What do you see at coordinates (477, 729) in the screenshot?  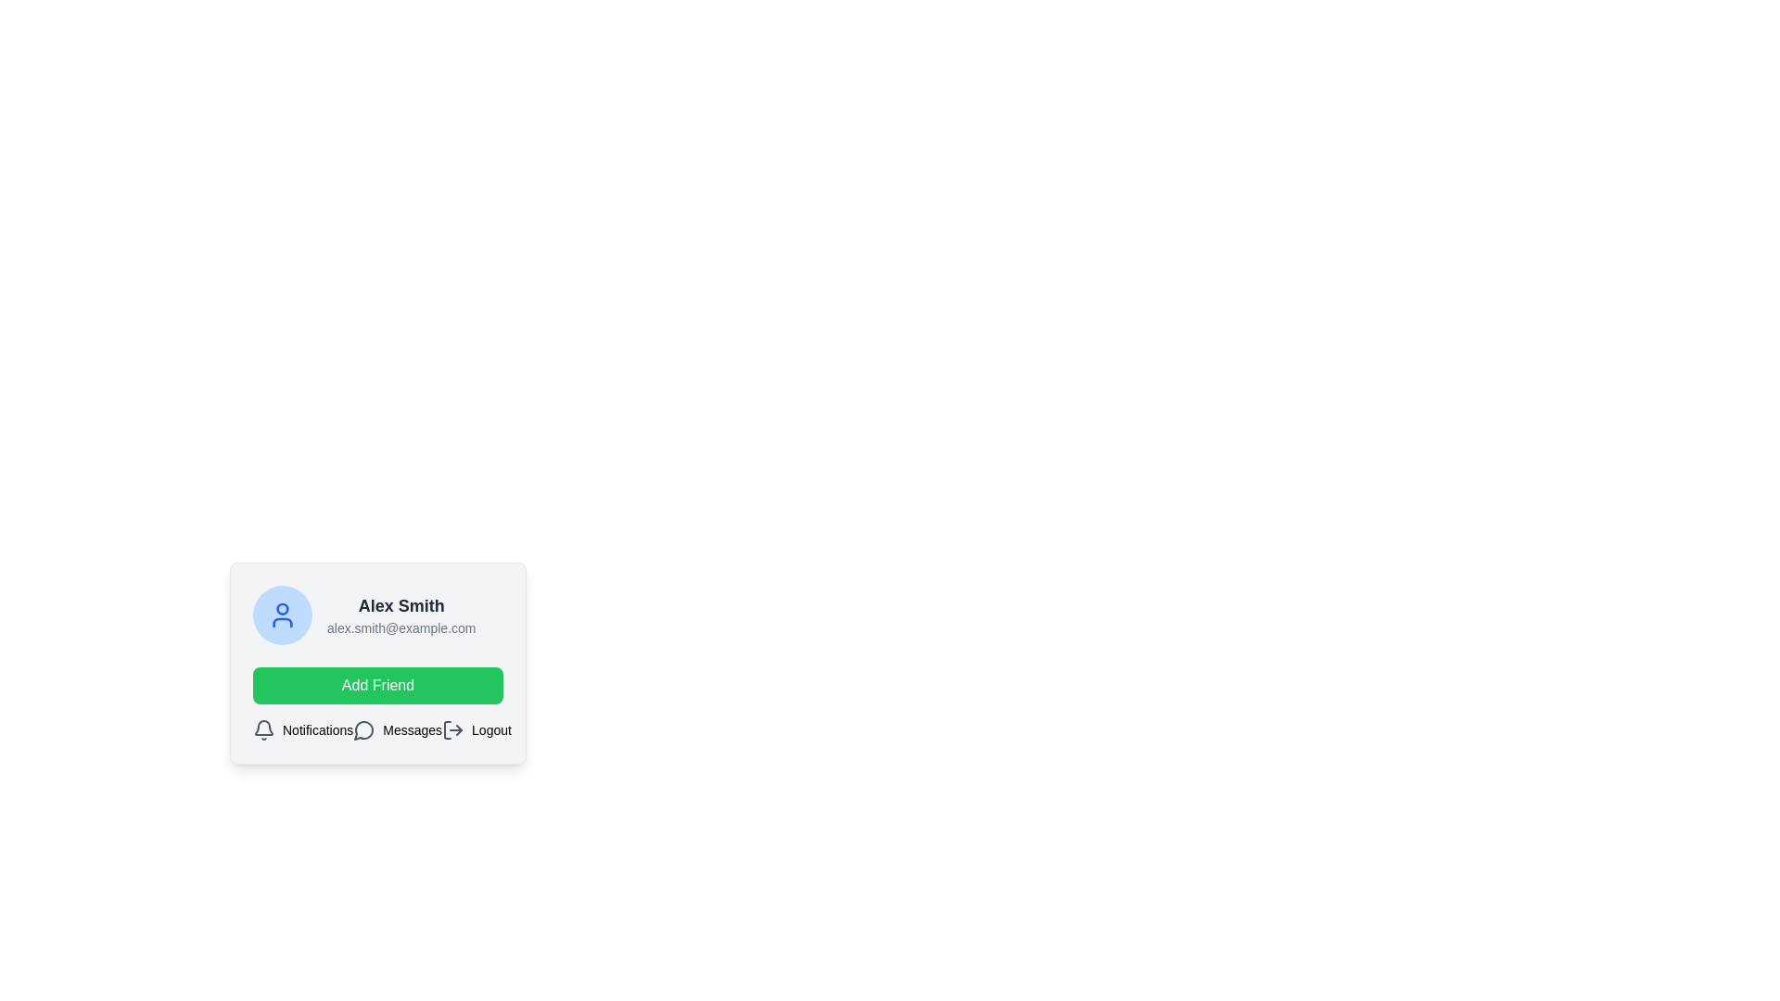 I see `the Logout button, which features an icon resembling a logout symbol and the text 'Logout', located at the bottom-right of the interface` at bounding box center [477, 729].